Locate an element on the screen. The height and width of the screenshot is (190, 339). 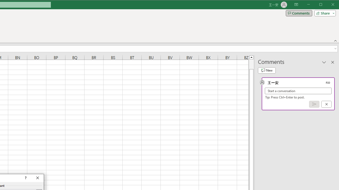
'New comment' is located at coordinates (267, 70).